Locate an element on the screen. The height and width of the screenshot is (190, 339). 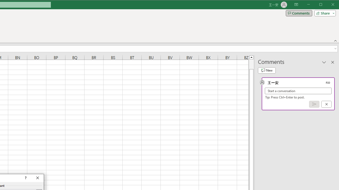
'New comment' is located at coordinates (267, 70).